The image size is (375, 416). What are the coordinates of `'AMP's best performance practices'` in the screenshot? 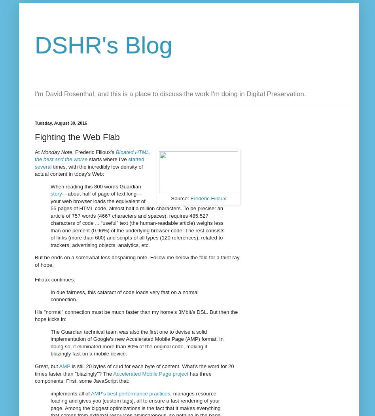 It's located at (130, 393).